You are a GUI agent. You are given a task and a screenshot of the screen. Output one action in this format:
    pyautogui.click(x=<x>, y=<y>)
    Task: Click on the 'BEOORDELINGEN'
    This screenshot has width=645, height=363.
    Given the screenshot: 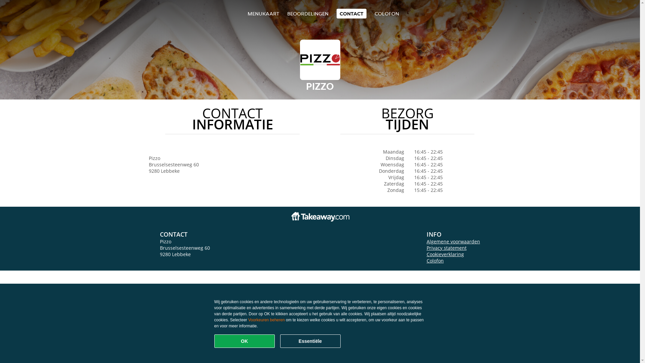 What is the action you would take?
    pyautogui.click(x=307, y=13)
    